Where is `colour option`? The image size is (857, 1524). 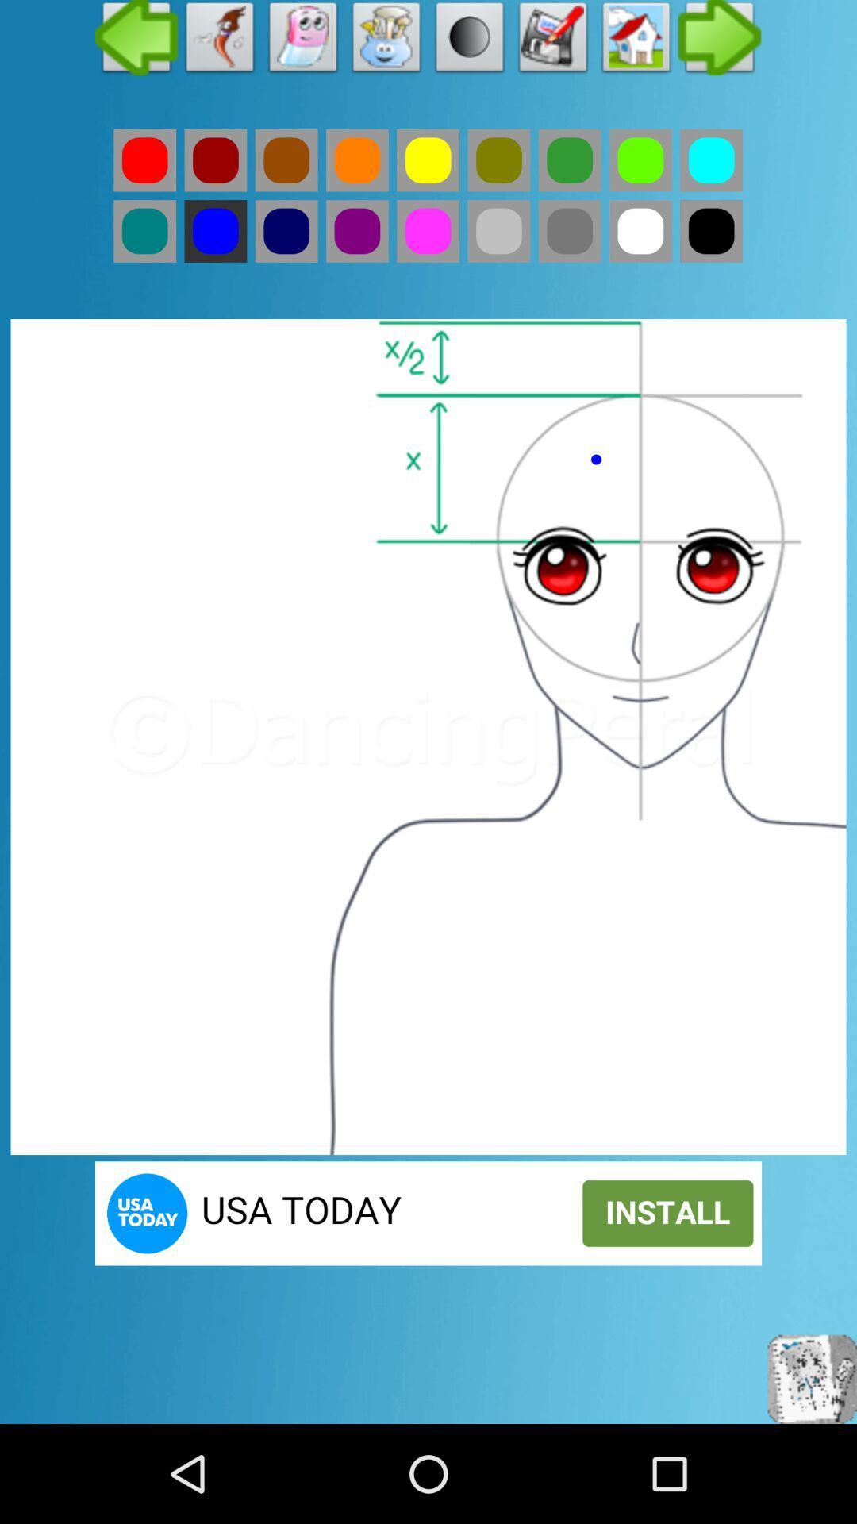 colour option is located at coordinates (427, 160).